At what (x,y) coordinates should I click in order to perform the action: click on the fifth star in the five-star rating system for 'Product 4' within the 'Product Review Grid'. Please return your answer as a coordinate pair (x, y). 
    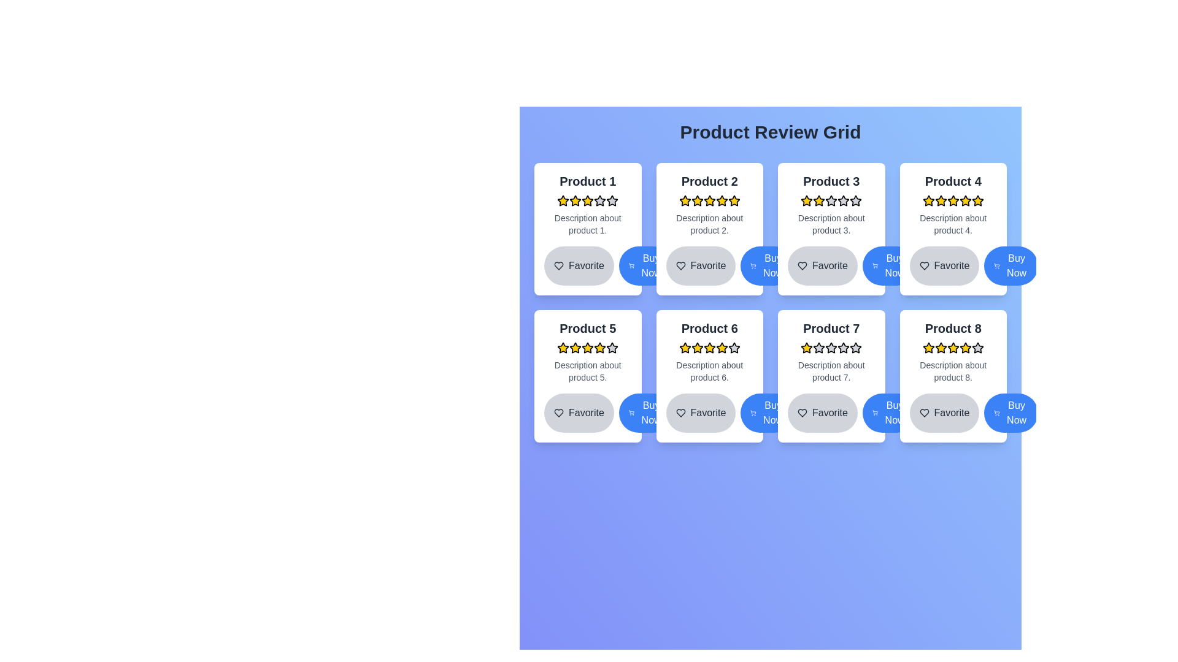
    Looking at the image, I should click on (964, 200).